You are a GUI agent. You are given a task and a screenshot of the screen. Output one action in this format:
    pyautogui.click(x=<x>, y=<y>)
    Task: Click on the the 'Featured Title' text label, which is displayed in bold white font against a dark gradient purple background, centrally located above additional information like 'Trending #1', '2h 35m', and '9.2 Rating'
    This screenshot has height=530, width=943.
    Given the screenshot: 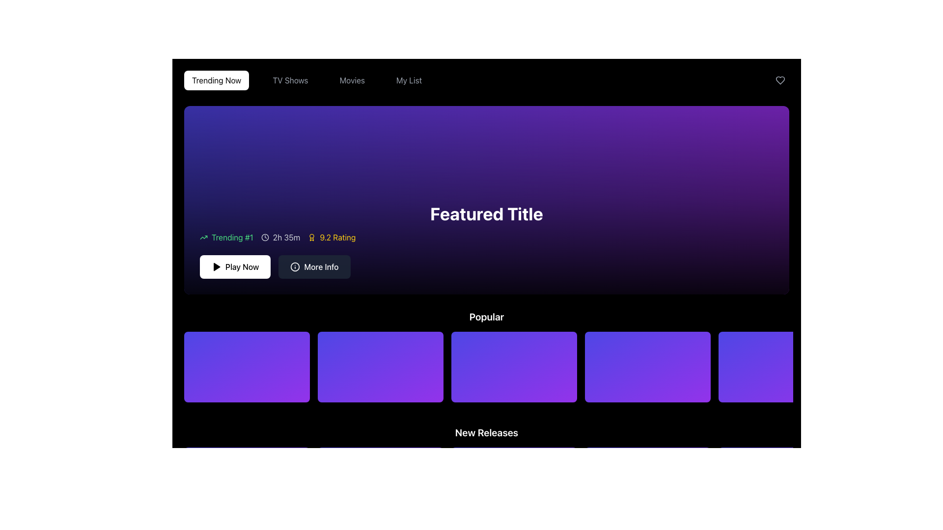 What is the action you would take?
    pyautogui.click(x=486, y=213)
    